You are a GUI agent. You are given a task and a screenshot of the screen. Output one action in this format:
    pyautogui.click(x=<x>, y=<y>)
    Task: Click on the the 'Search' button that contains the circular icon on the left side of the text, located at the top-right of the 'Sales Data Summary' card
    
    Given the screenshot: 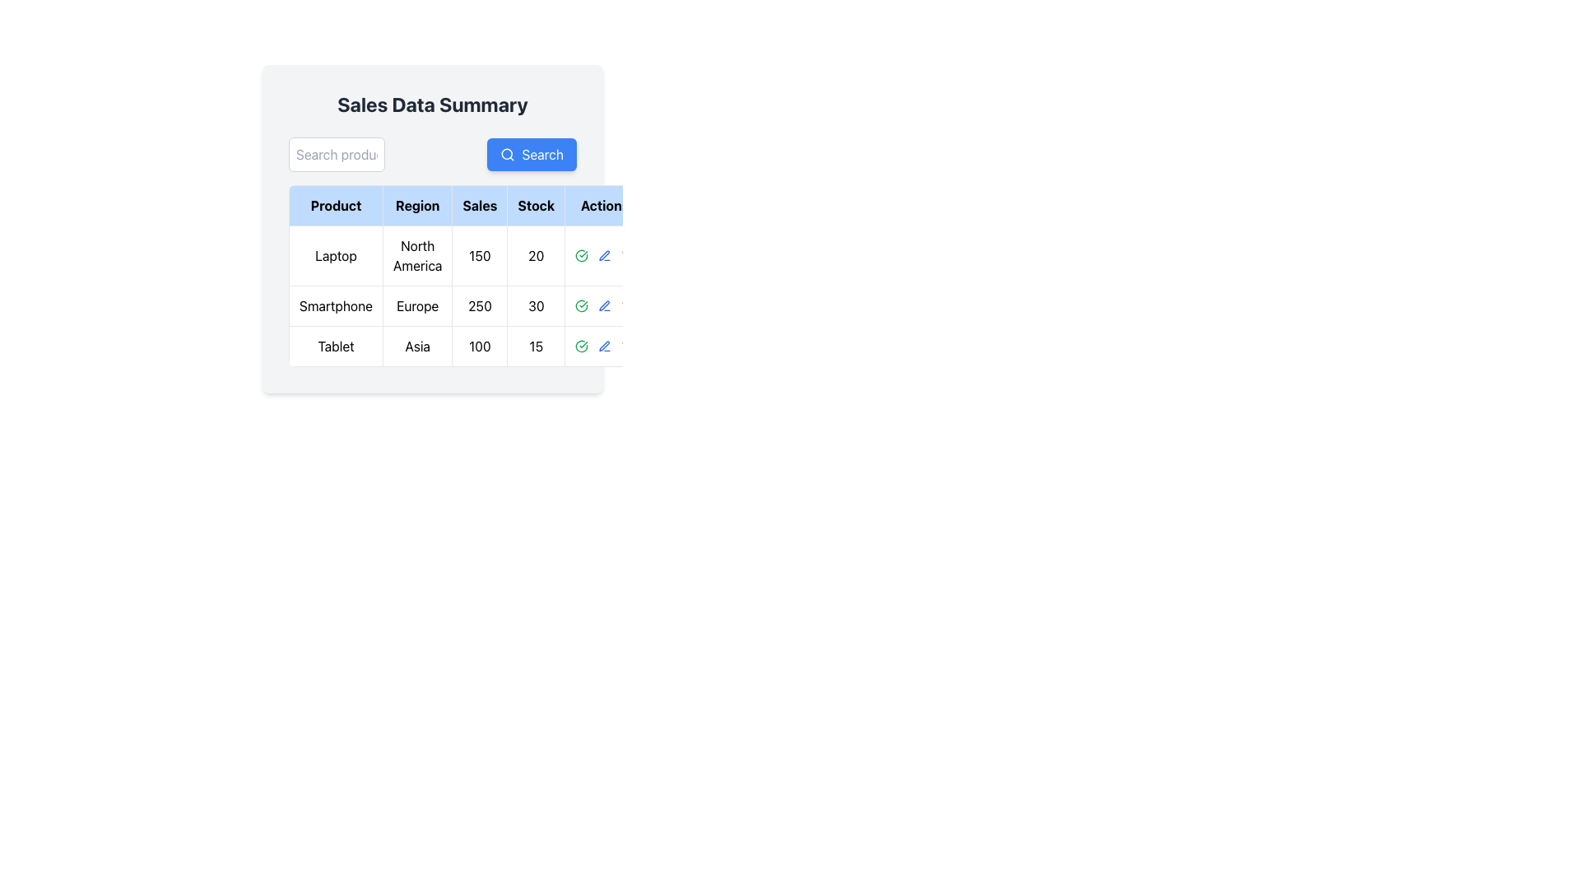 What is the action you would take?
    pyautogui.click(x=506, y=154)
    